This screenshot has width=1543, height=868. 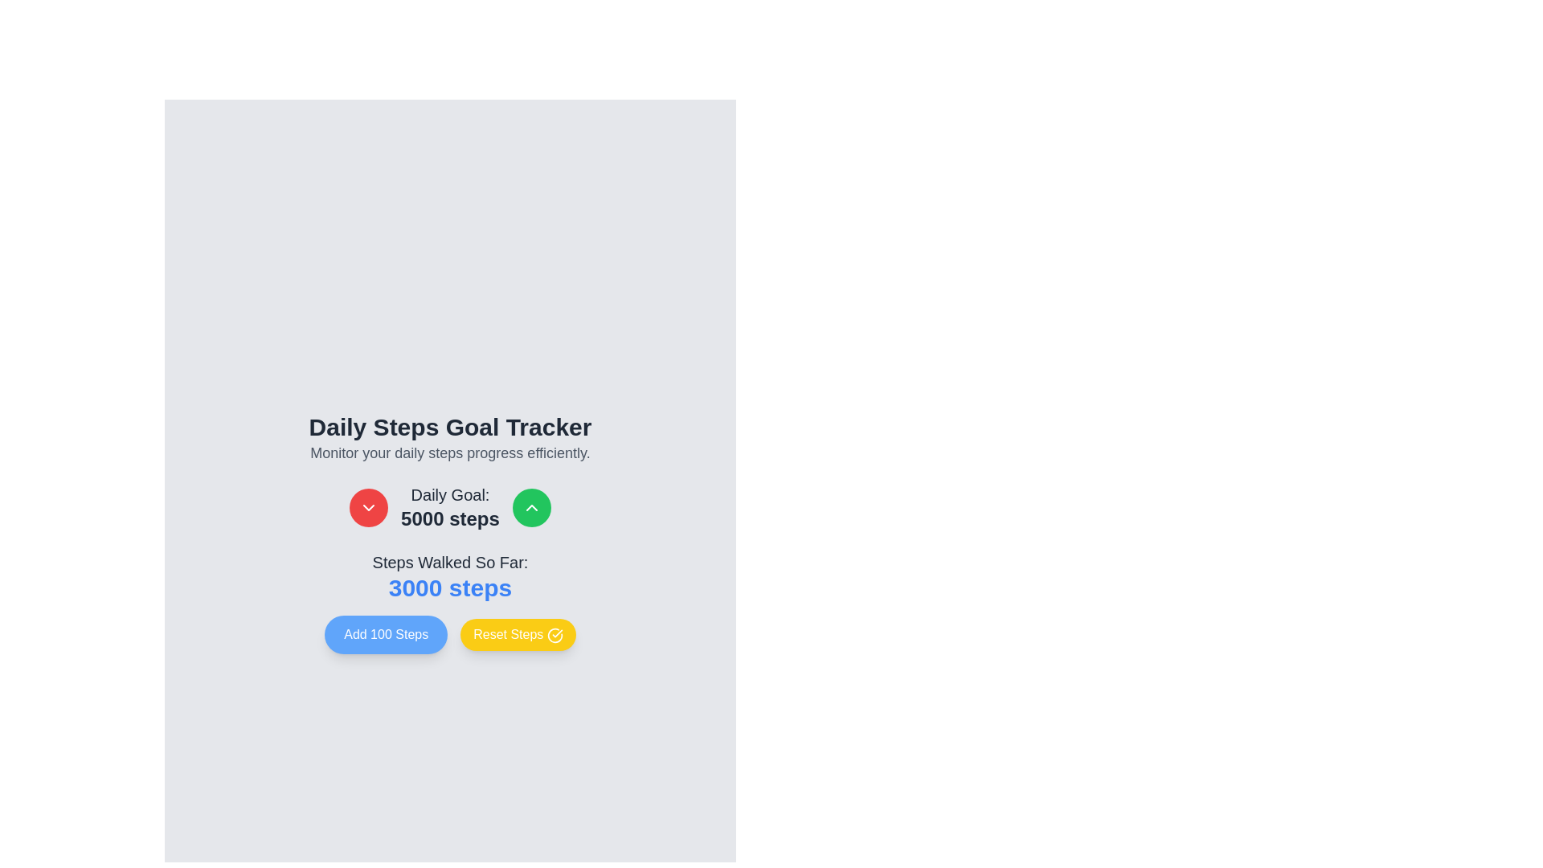 What do you see at coordinates (531, 508) in the screenshot?
I see `the button located to the right of the 'Daily Goal: 5000 steps' label to increase the daily goal value` at bounding box center [531, 508].